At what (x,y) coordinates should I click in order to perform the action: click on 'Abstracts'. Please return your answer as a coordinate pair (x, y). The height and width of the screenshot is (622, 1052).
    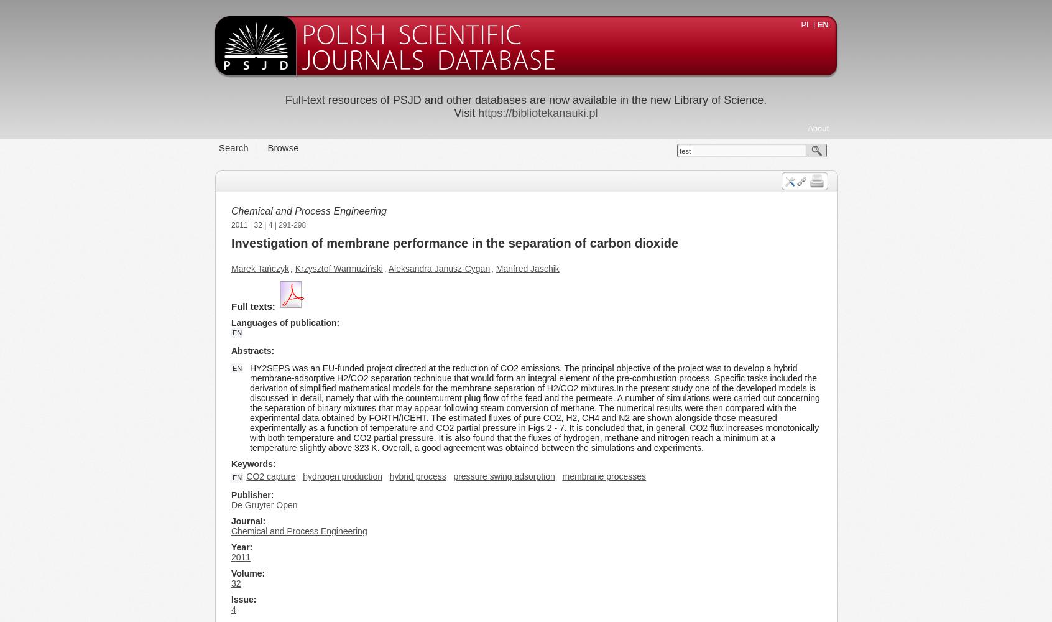
    Looking at the image, I should click on (251, 350).